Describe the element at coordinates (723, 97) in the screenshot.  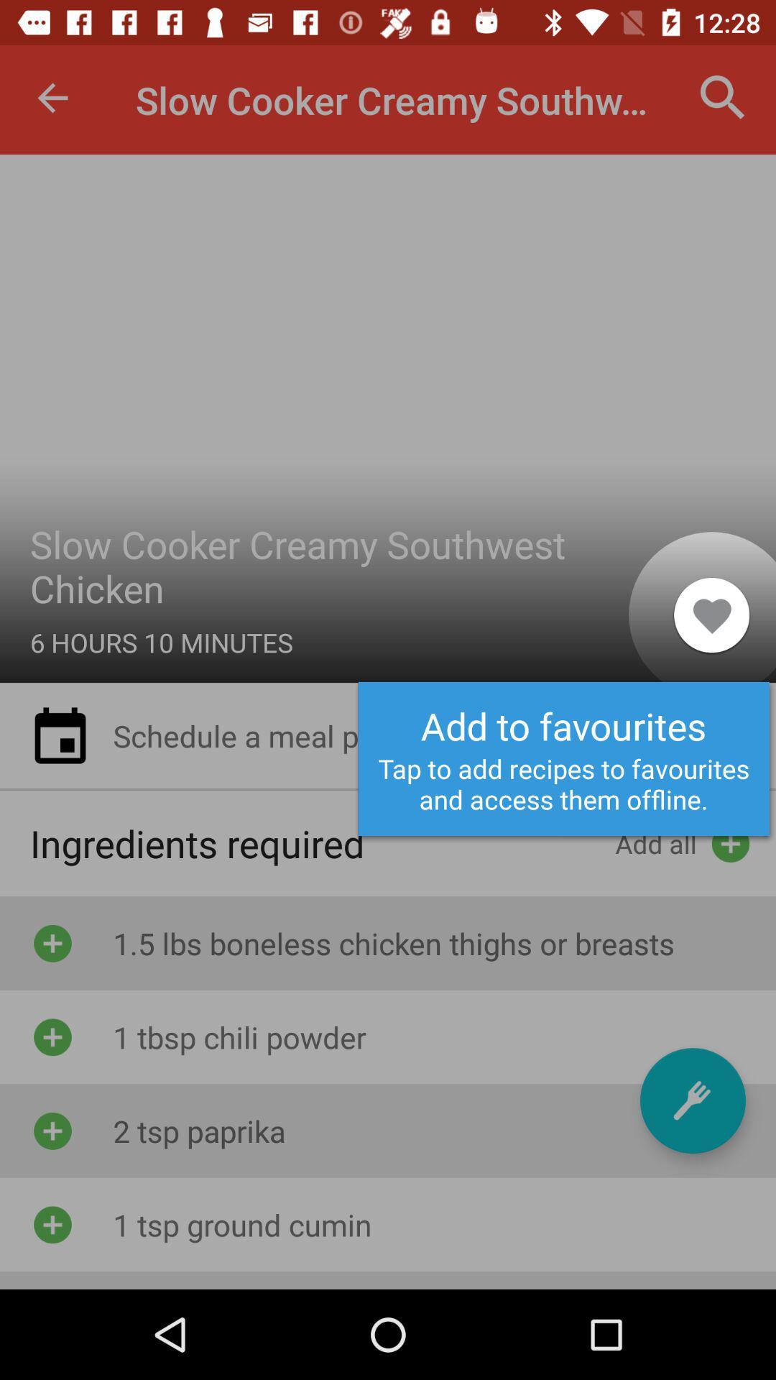
I see `the item at the top right corner` at that location.